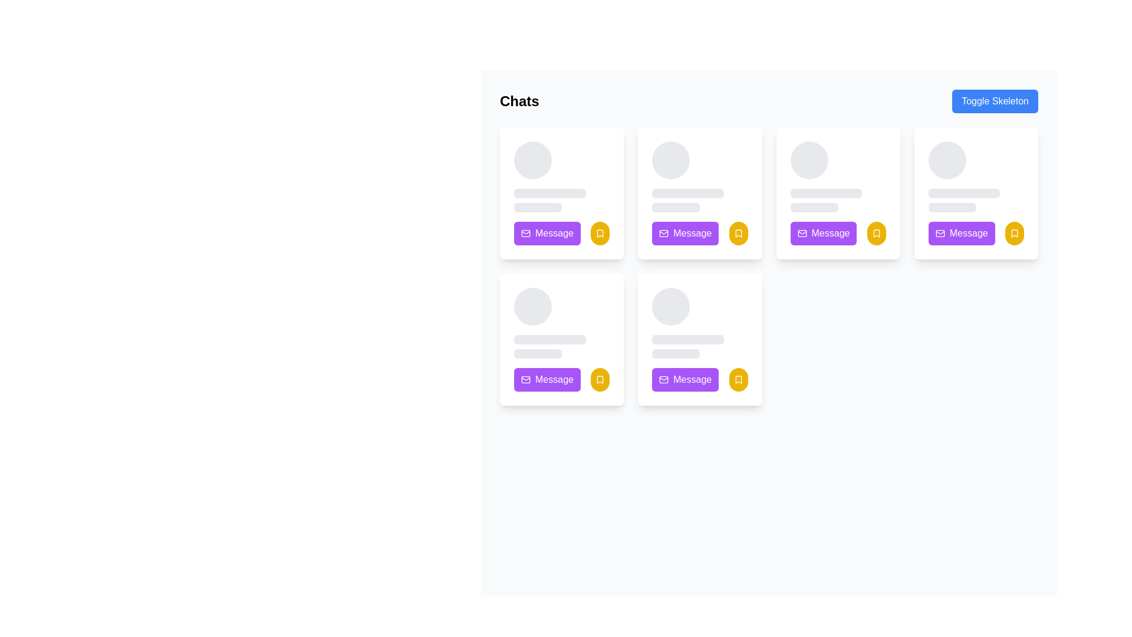 The height and width of the screenshot is (637, 1132). I want to click on the messaging icon located to the left of the 'Message' label in the bottom-left card of a 2x3 grid layout, so click(525, 380).